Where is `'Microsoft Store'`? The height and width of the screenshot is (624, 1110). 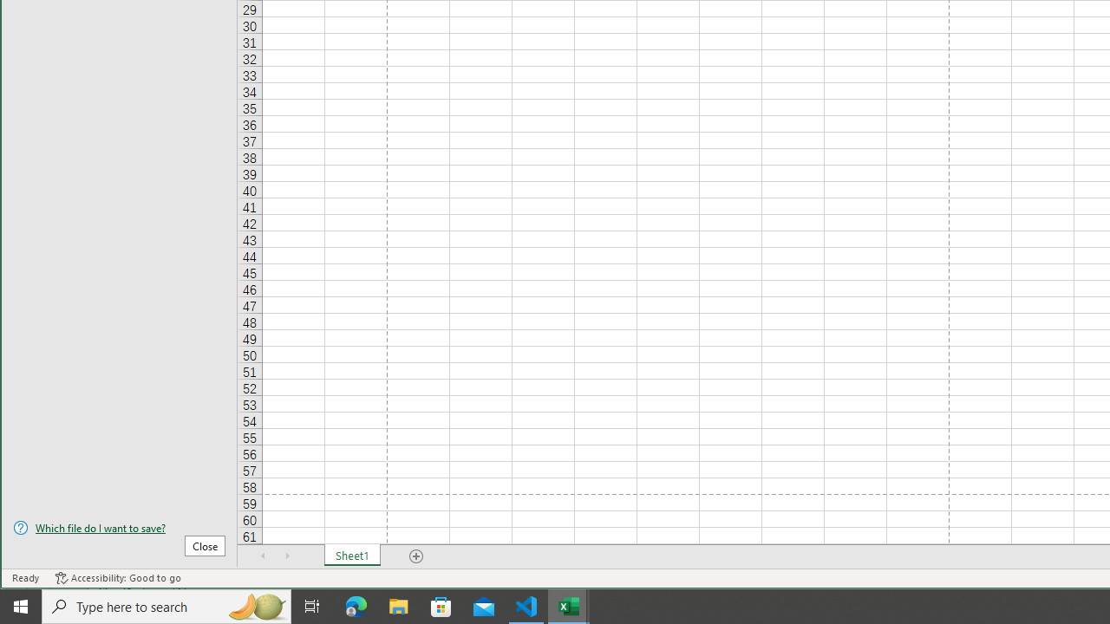 'Microsoft Store' is located at coordinates (441, 605).